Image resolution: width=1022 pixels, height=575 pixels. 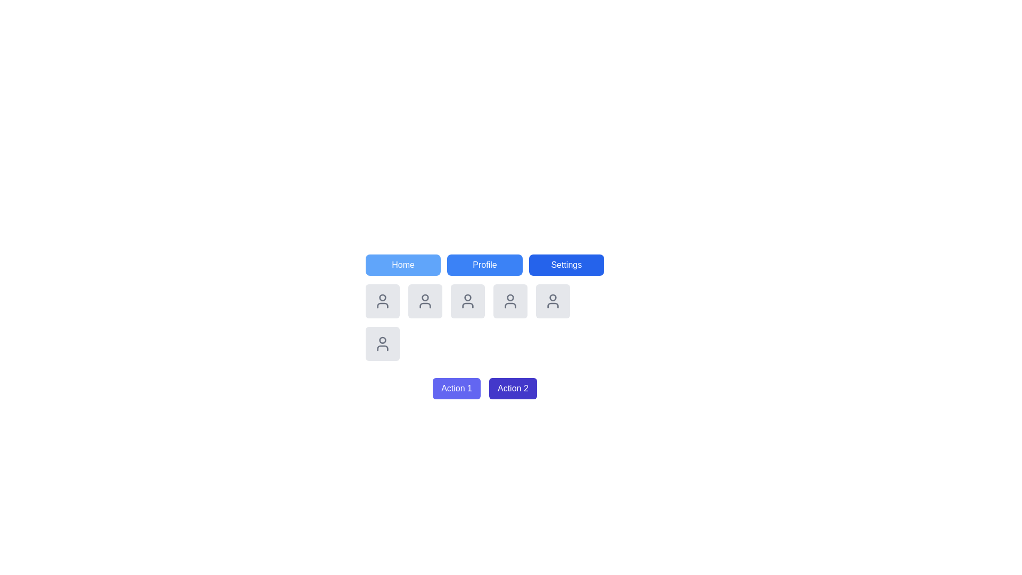 What do you see at coordinates (383, 343) in the screenshot?
I see `the user profile icon located` at bounding box center [383, 343].